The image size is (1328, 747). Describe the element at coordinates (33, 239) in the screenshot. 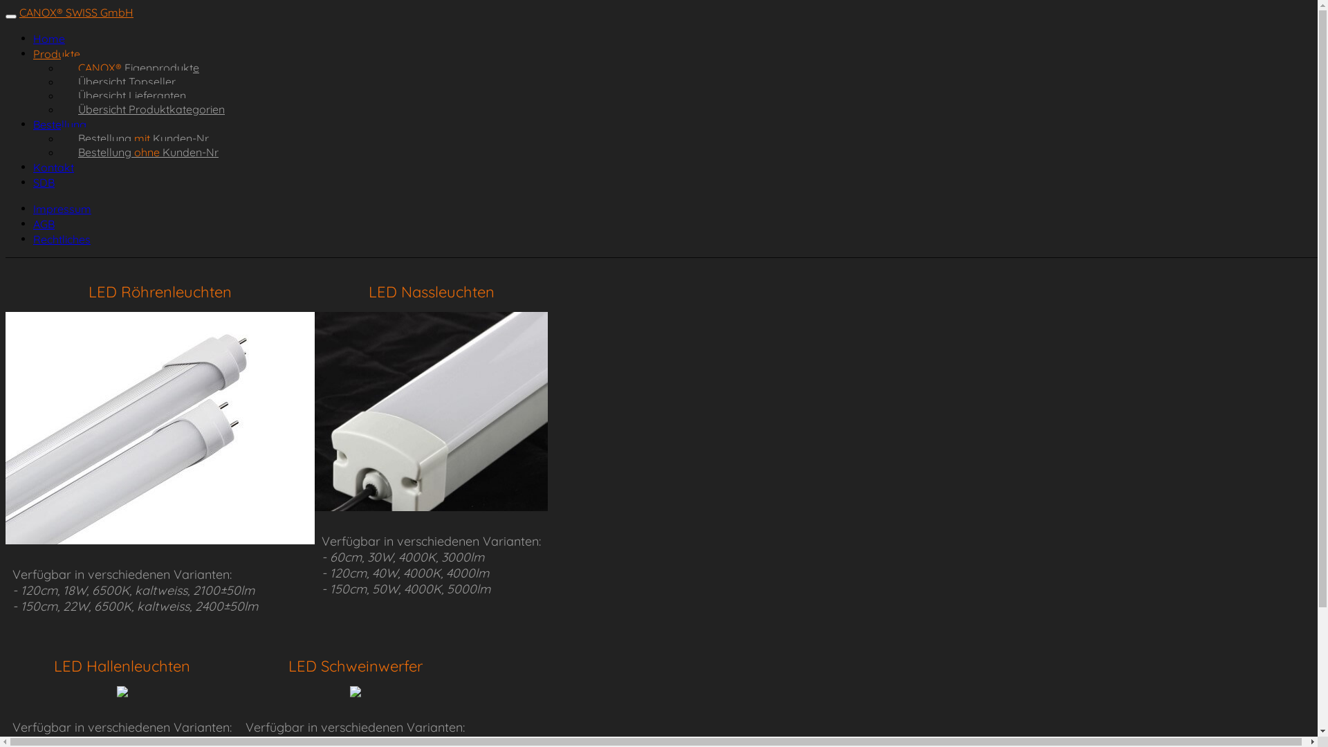

I see `'Rechtliches'` at that location.